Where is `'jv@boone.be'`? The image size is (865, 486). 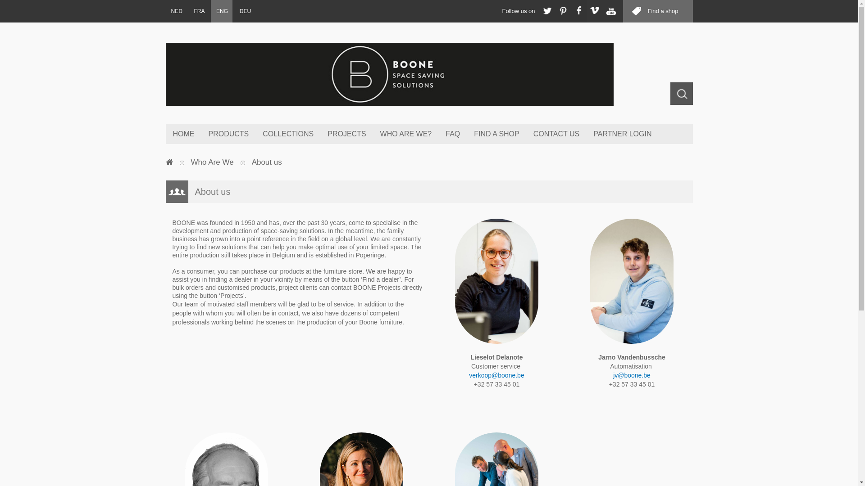 'jv@boone.be' is located at coordinates (631, 375).